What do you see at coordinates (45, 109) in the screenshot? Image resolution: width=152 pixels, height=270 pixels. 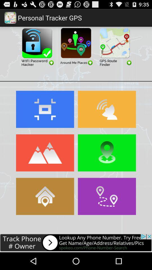 I see `fullscreen` at bounding box center [45, 109].